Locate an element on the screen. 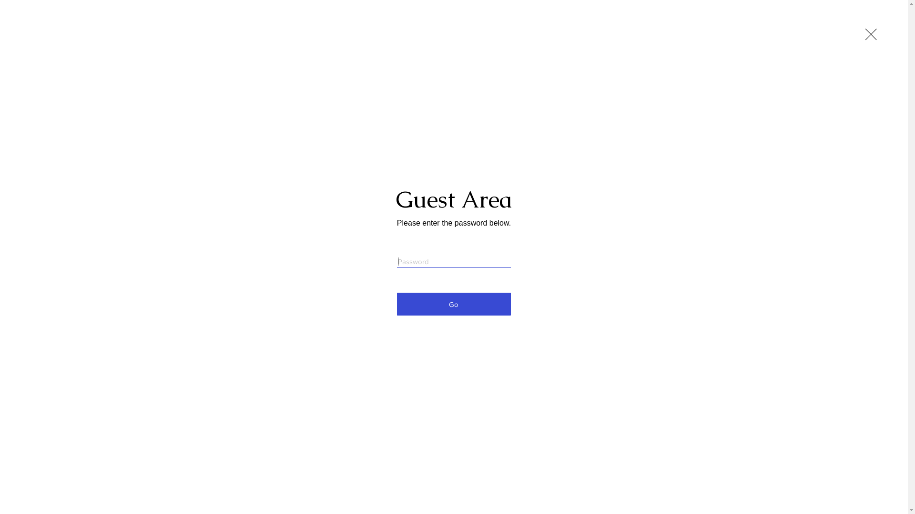 The width and height of the screenshot is (915, 514). 'Go' is located at coordinates (453, 304).